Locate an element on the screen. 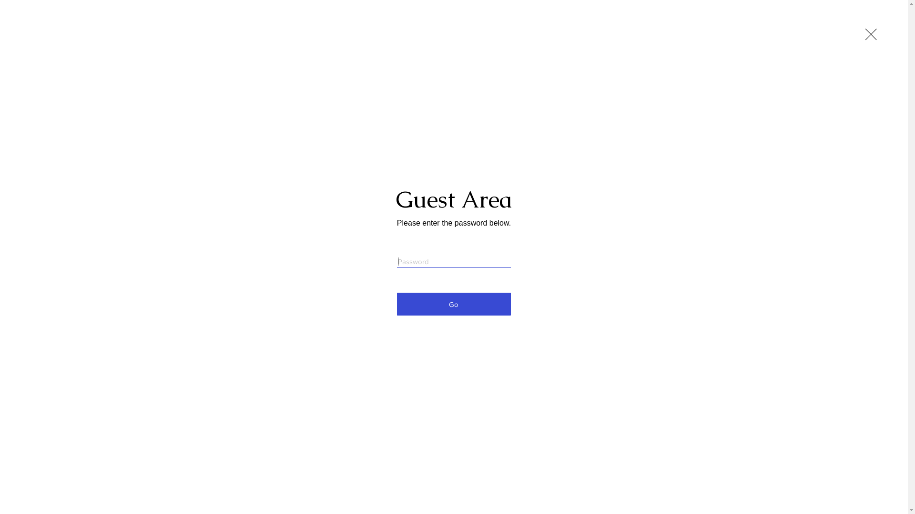 The width and height of the screenshot is (915, 514). 'Go' is located at coordinates (453, 304).